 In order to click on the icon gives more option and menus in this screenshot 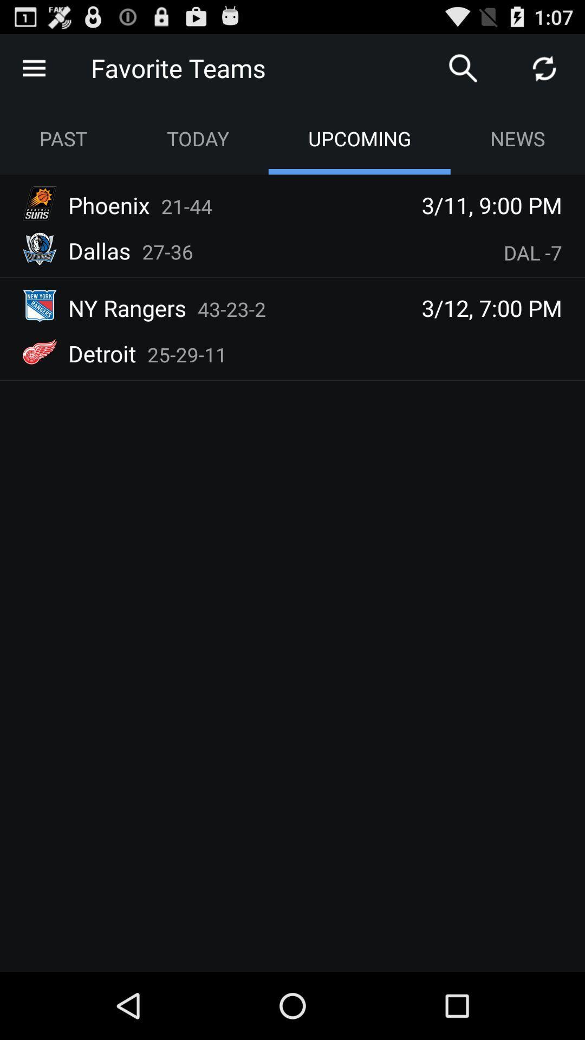, I will do `click(33, 67)`.